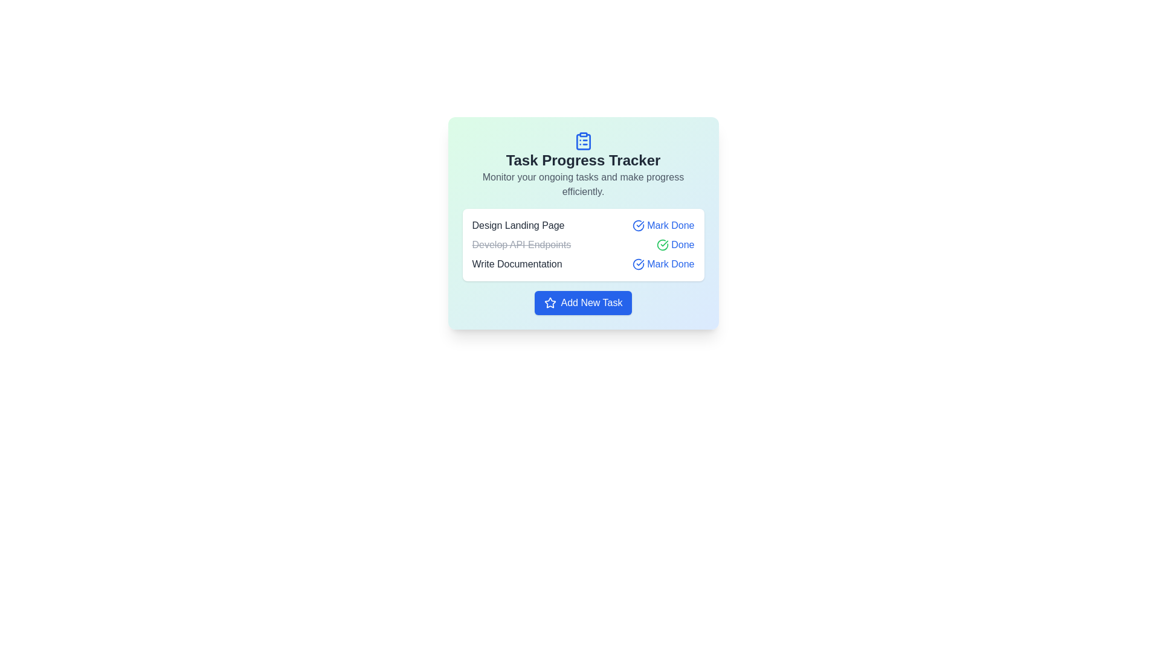  Describe the element at coordinates (521, 245) in the screenshot. I see `the strikethrough labeled text 'Develop API Endpoints', which indicates a completed task in the task list` at that location.